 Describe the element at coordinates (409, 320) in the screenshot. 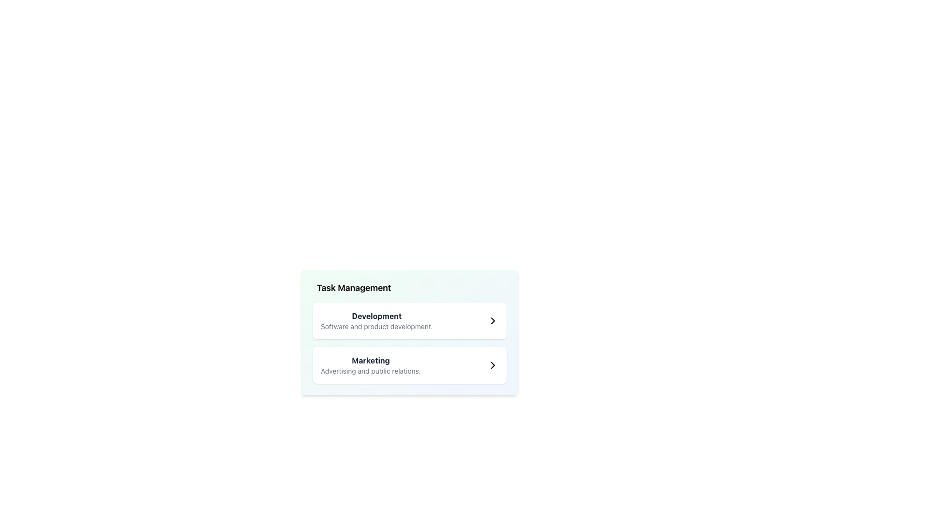

I see `the upper card in the 'Task Management' list that directs users to software and product development details` at that location.